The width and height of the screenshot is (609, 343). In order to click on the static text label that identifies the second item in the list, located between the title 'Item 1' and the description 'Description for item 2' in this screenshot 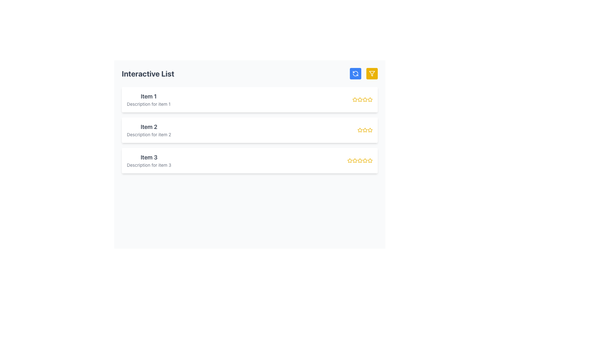, I will do `click(148, 127)`.